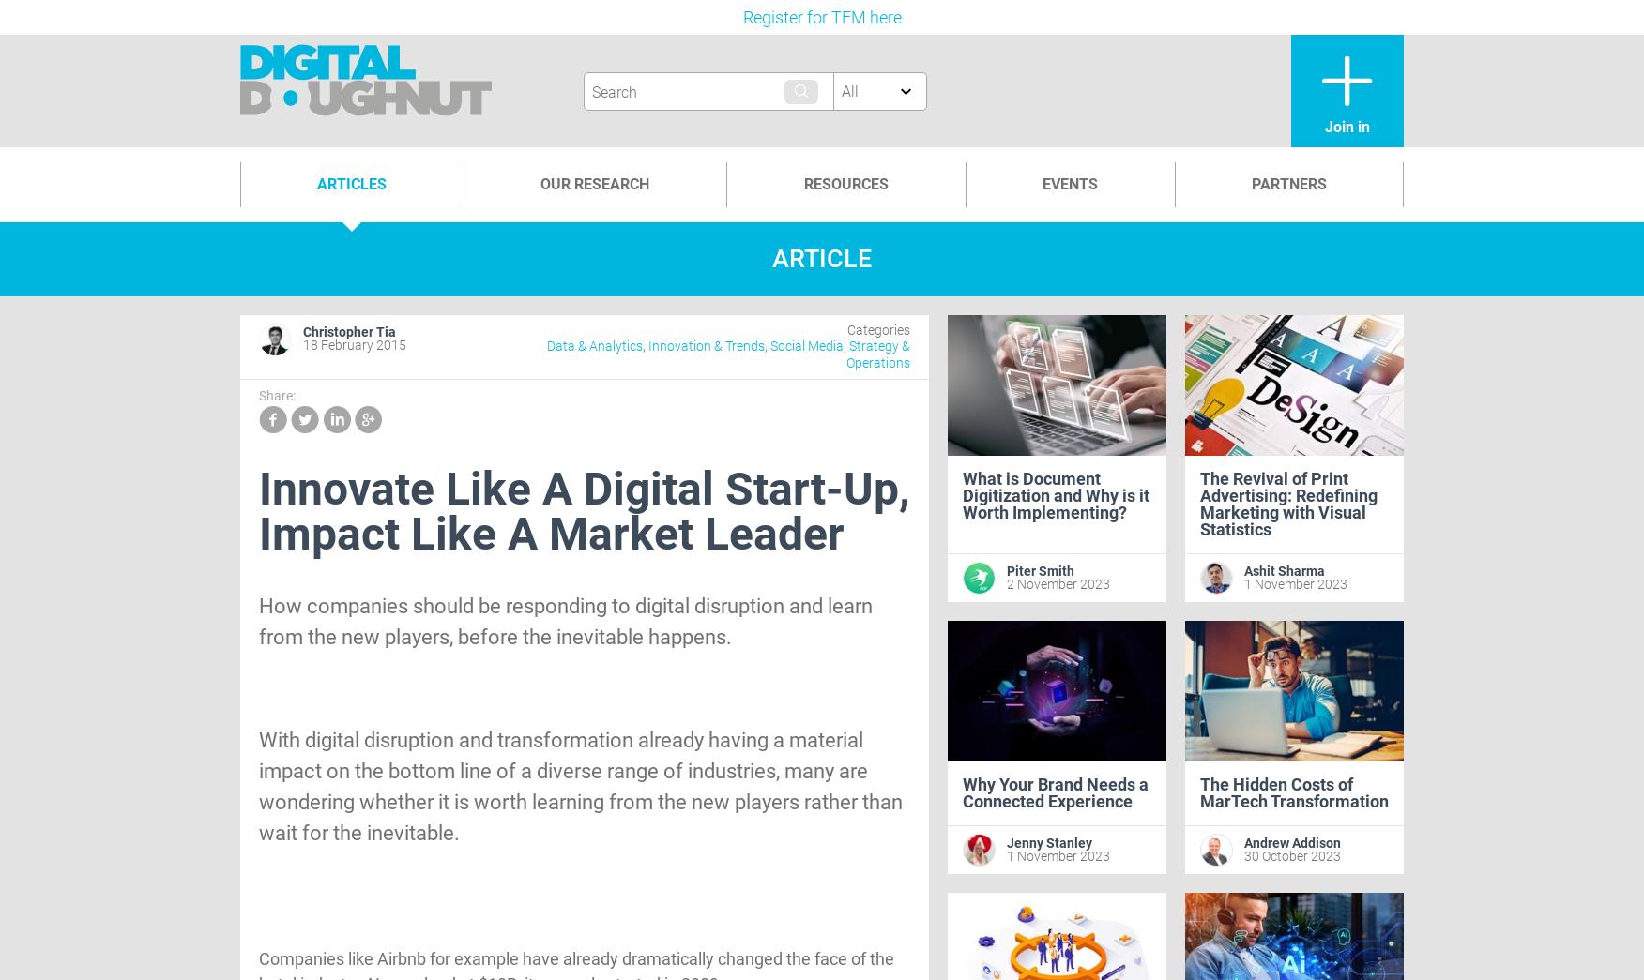  Describe the element at coordinates (1048, 843) in the screenshot. I see `'Jenny Stanley'` at that location.